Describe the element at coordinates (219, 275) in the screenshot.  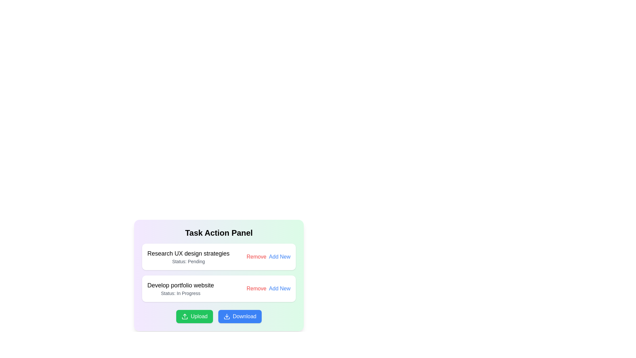
I see `the 'Add New' option in the Task Action Panel` at that location.